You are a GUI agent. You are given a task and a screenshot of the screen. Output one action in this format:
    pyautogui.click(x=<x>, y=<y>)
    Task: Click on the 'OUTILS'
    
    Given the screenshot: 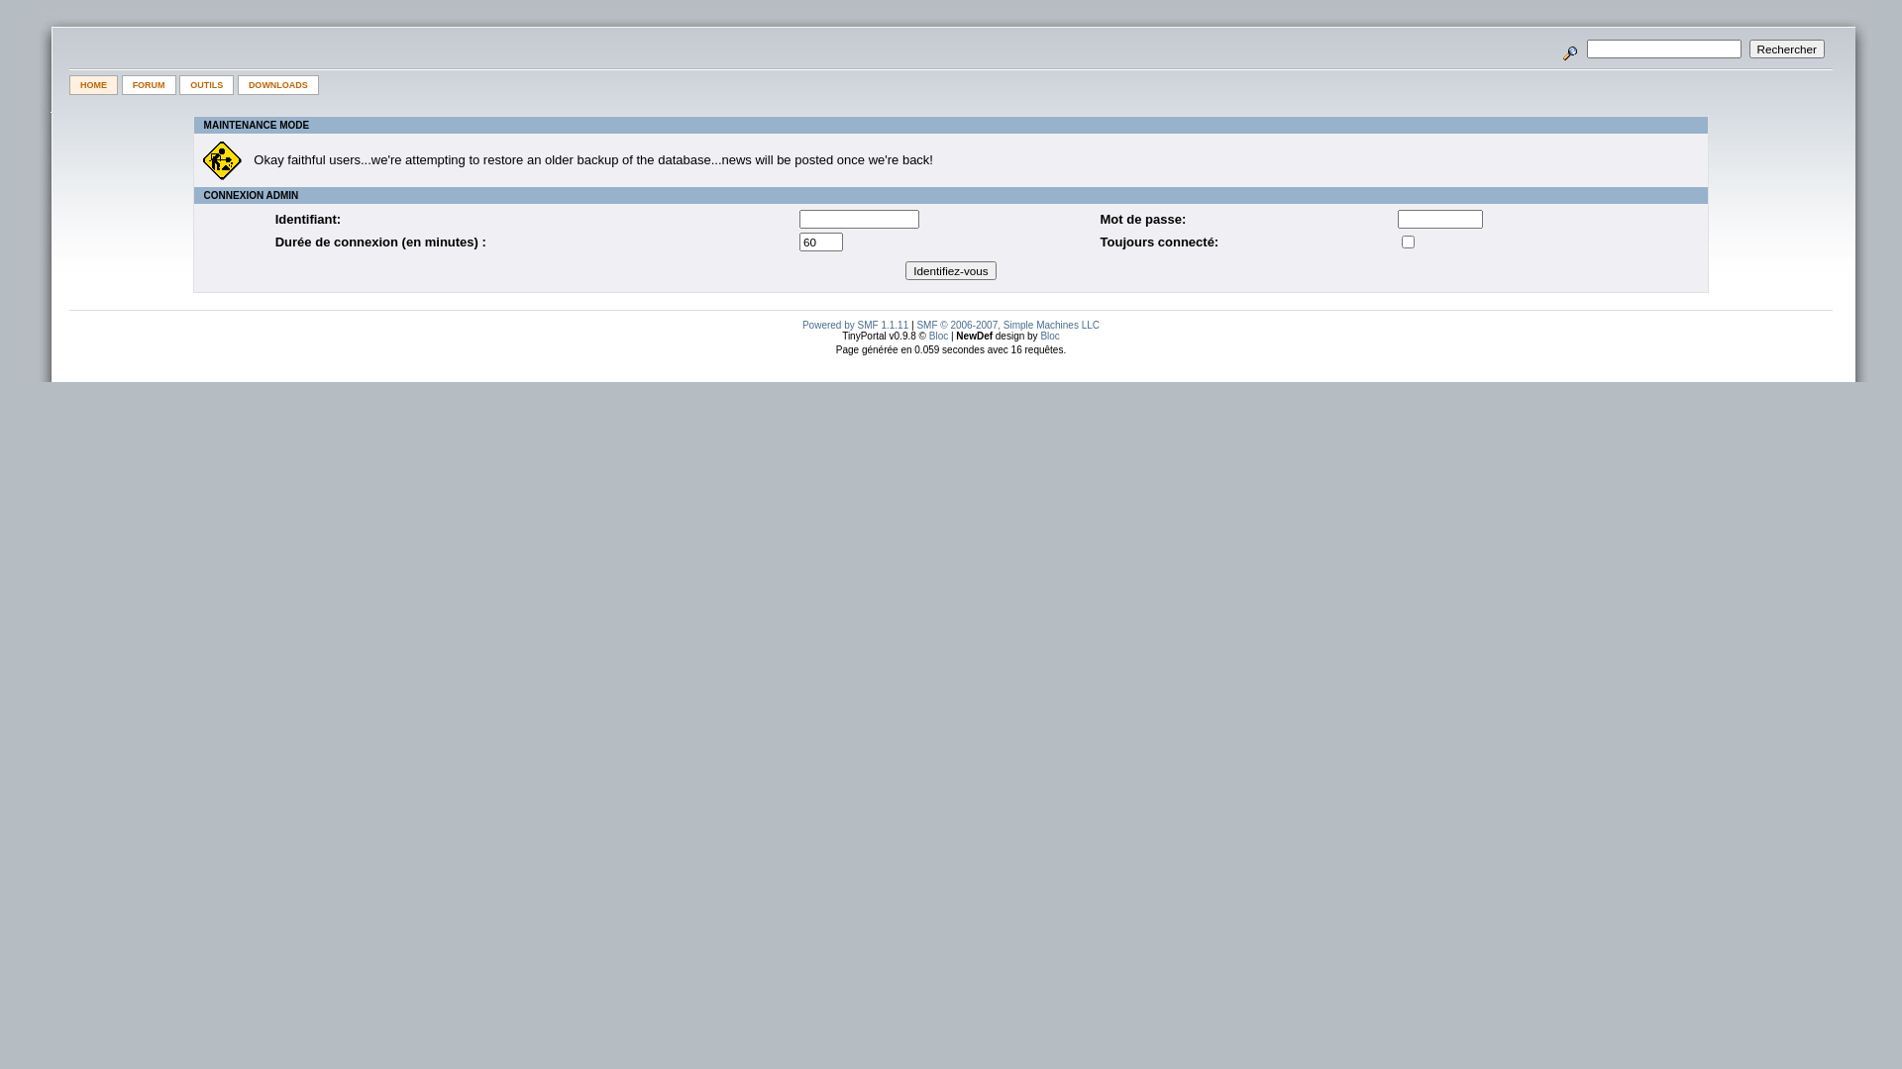 What is the action you would take?
    pyautogui.click(x=206, y=83)
    